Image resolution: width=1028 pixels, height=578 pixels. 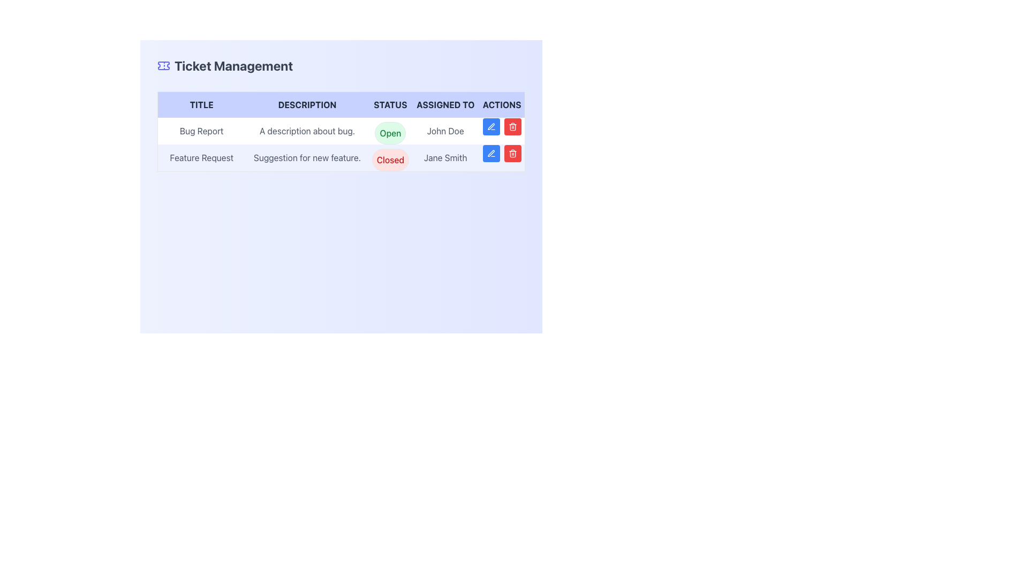 I want to click on the red trash bin icon button in the 'Actions' column of the second row of the table for the 'Feature Request' ticket, so click(x=512, y=126).